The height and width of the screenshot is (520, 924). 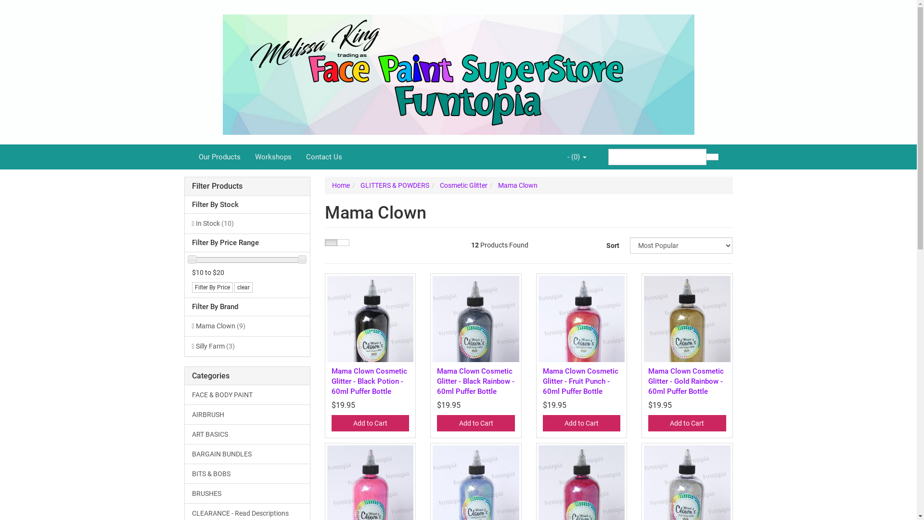 I want to click on 'Home', so click(x=341, y=185).